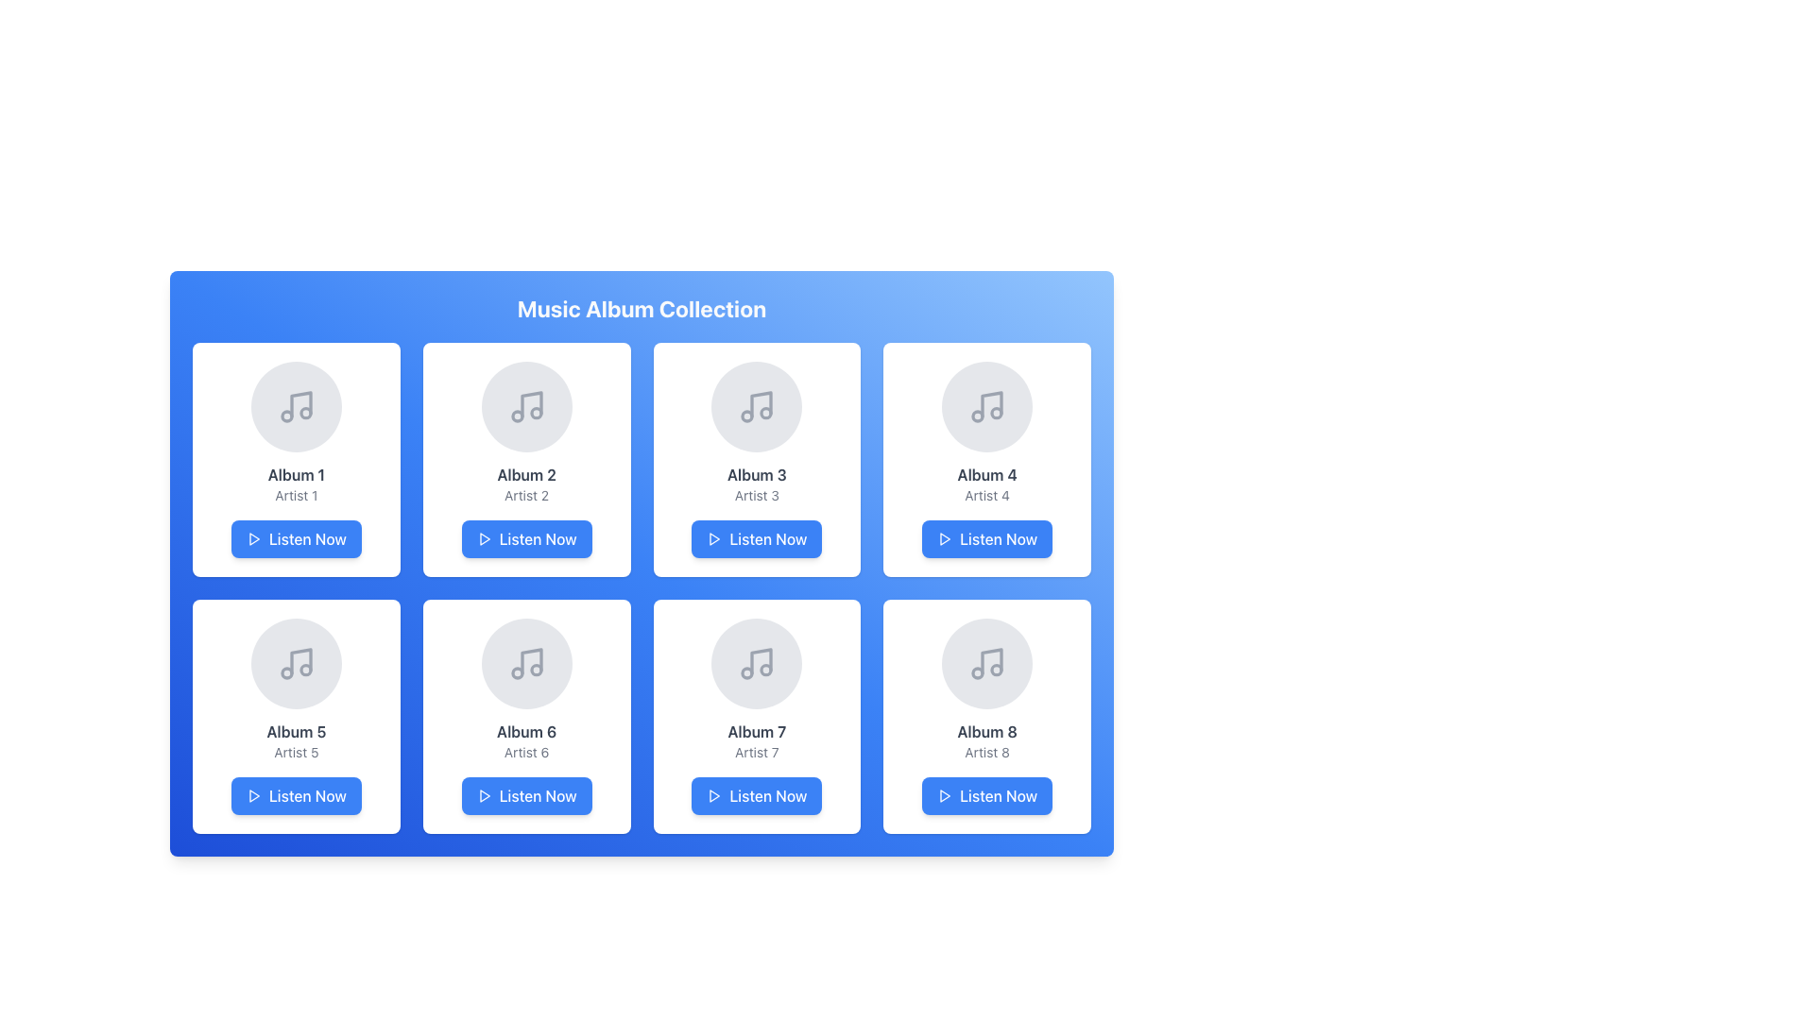  What do you see at coordinates (766, 669) in the screenshot?
I see `the circular SVG shape that represents a music note symbol for 'Album 7' in the music-related UI` at bounding box center [766, 669].